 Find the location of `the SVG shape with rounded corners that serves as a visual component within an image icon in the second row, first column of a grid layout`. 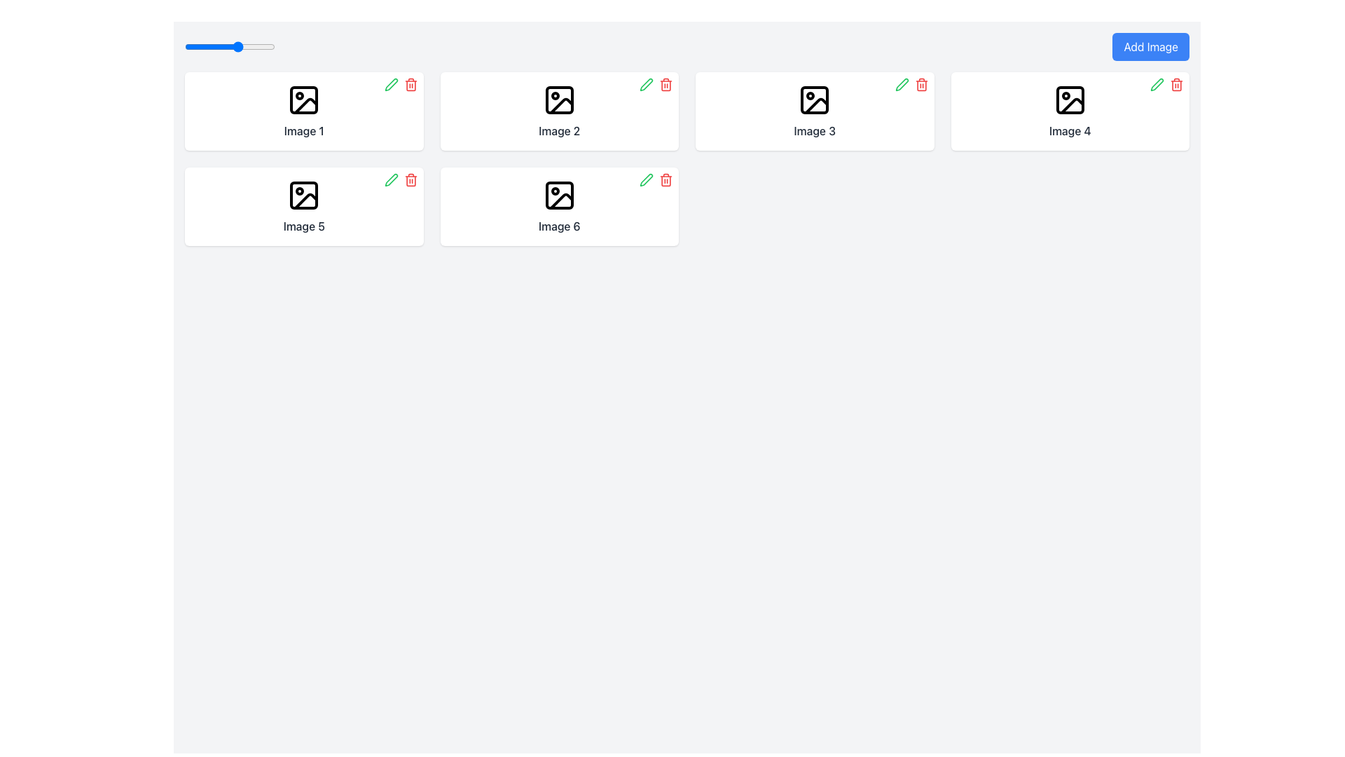

the SVG shape with rounded corners that serves as a visual component within an image icon in the second row, first column of a grid layout is located at coordinates (303, 195).